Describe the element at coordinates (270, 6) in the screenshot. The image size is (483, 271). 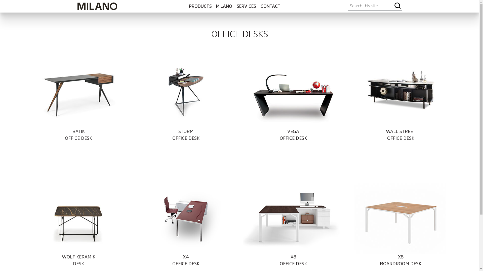
I see `'CONTACT'` at that location.